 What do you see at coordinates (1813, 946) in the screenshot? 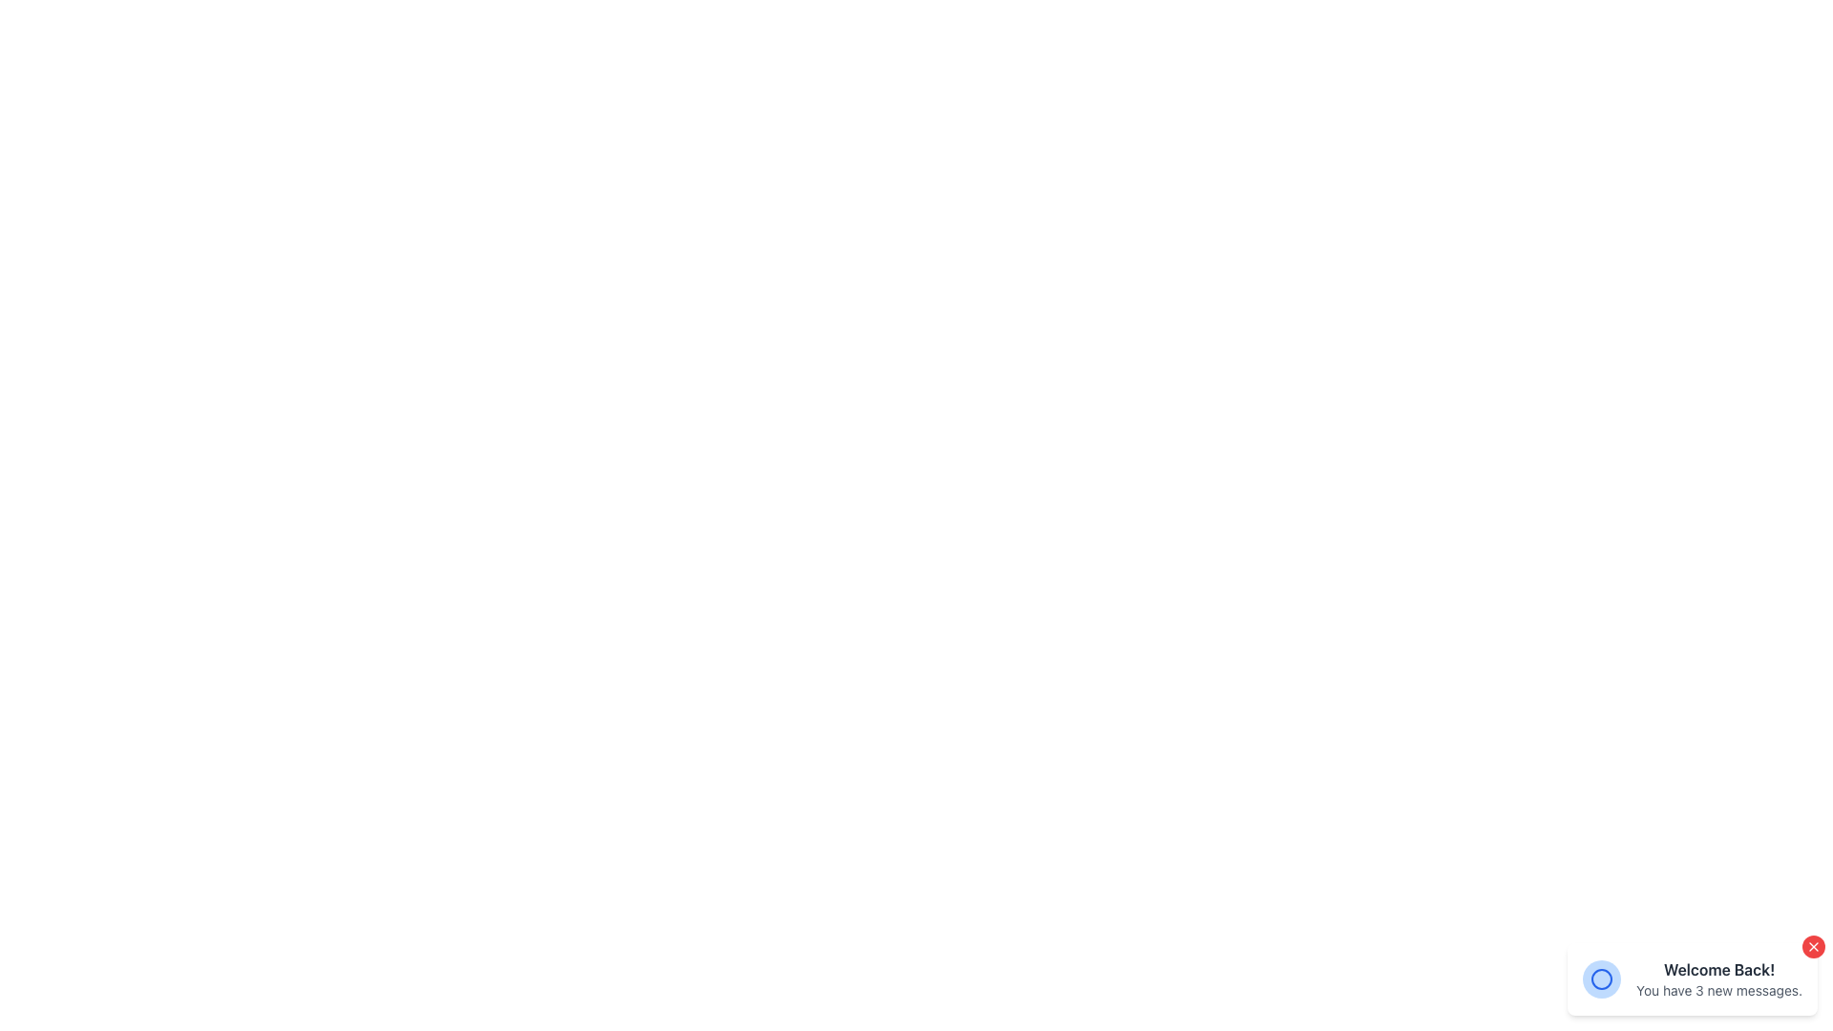
I see `the close icon button located in the top-right corner of the notification panel with the text 'Welcome Back! You have 3 new messages.'` at bounding box center [1813, 946].